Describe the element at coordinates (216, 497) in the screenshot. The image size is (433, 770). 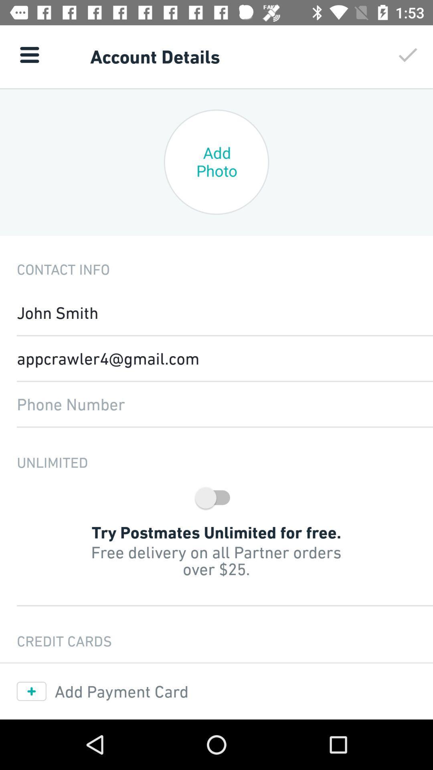
I see `the switch button` at that location.